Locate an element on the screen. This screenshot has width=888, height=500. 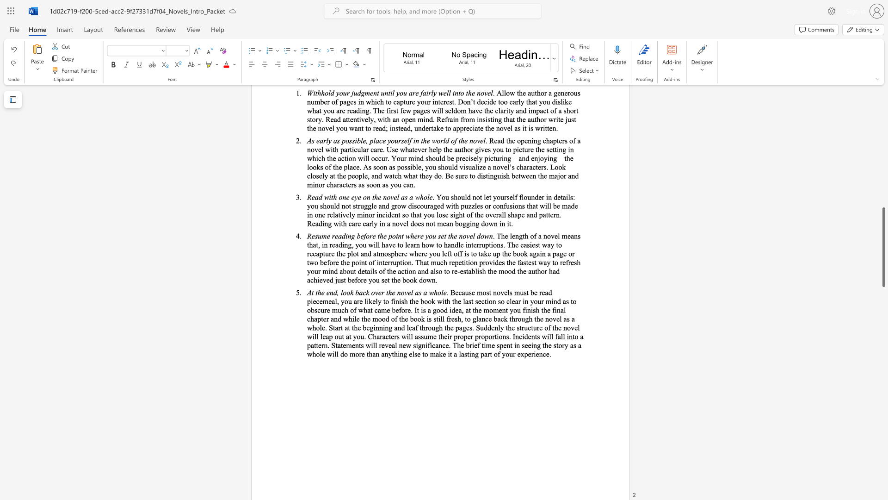
the subset text "novel as a whole." within the text "At the end, look back over the novel as a whole." is located at coordinates (397, 292).